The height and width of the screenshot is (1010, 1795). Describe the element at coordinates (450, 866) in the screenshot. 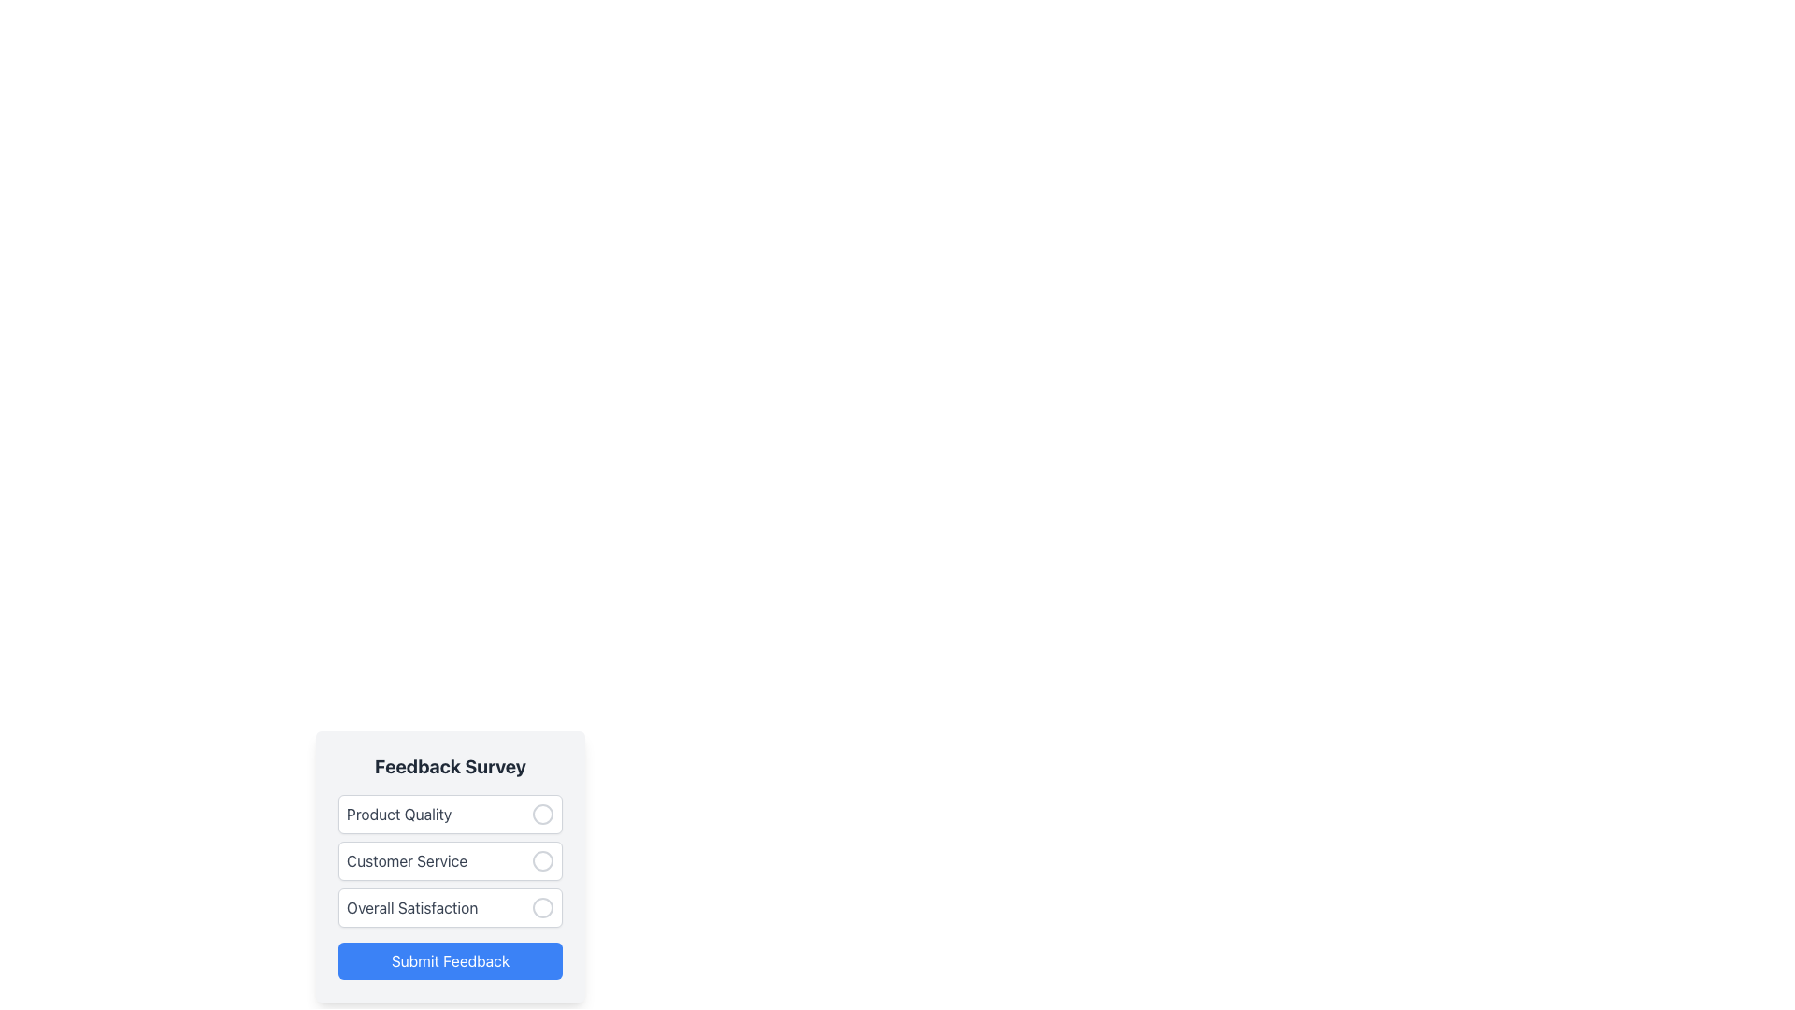

I see `the second option in the feedback survey list, which allows users to evaluate 'Customer Service' by clicking the circular selection point to the right` at that location.